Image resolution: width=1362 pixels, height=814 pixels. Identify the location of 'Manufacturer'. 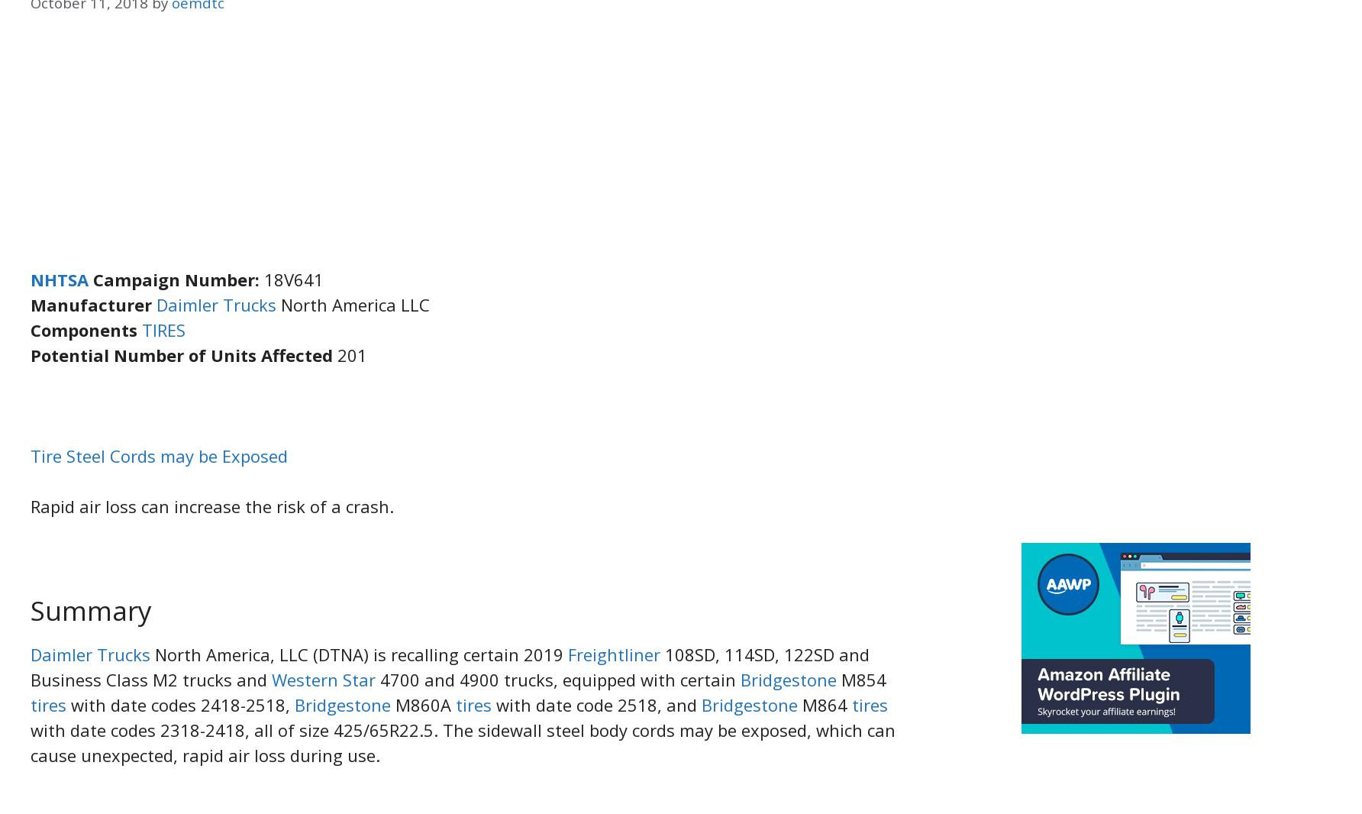
(92, 305).